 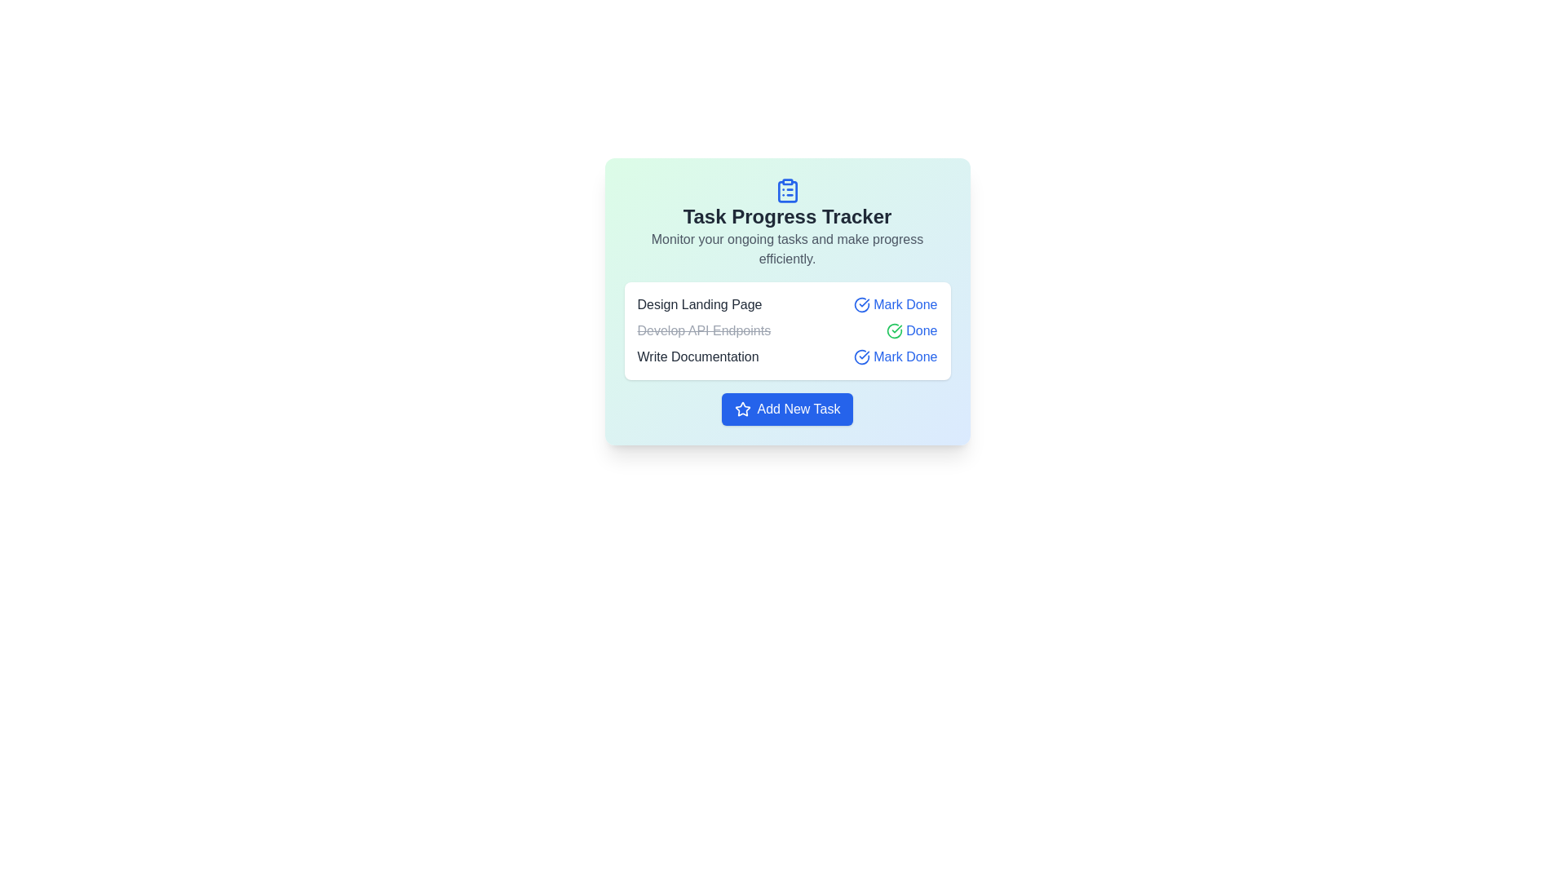 What do you see at coordinates (861, 356) in the screenshot?
I see `the blue checkmark icon that is styled in a modern minimalist style, positioned to the left of the 'Mark Done' text element` at bounding box center [861, 356].